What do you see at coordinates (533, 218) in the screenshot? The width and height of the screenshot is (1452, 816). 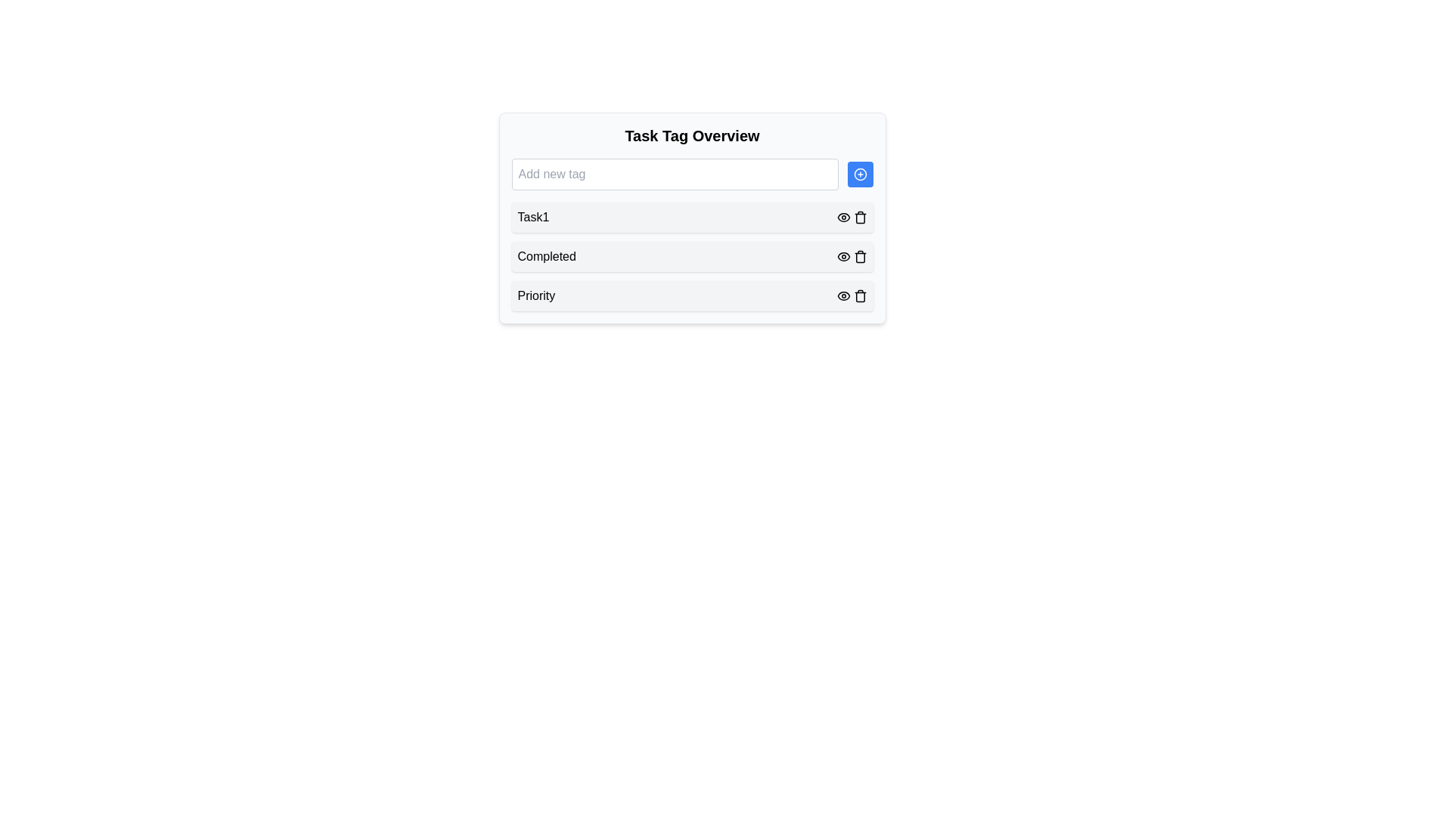 I see `the Text label identifying the task named 'Task1' in the task management interface, which is positioned as the first item under 'Task Tag Overview'` at bounding box center [533, 218].